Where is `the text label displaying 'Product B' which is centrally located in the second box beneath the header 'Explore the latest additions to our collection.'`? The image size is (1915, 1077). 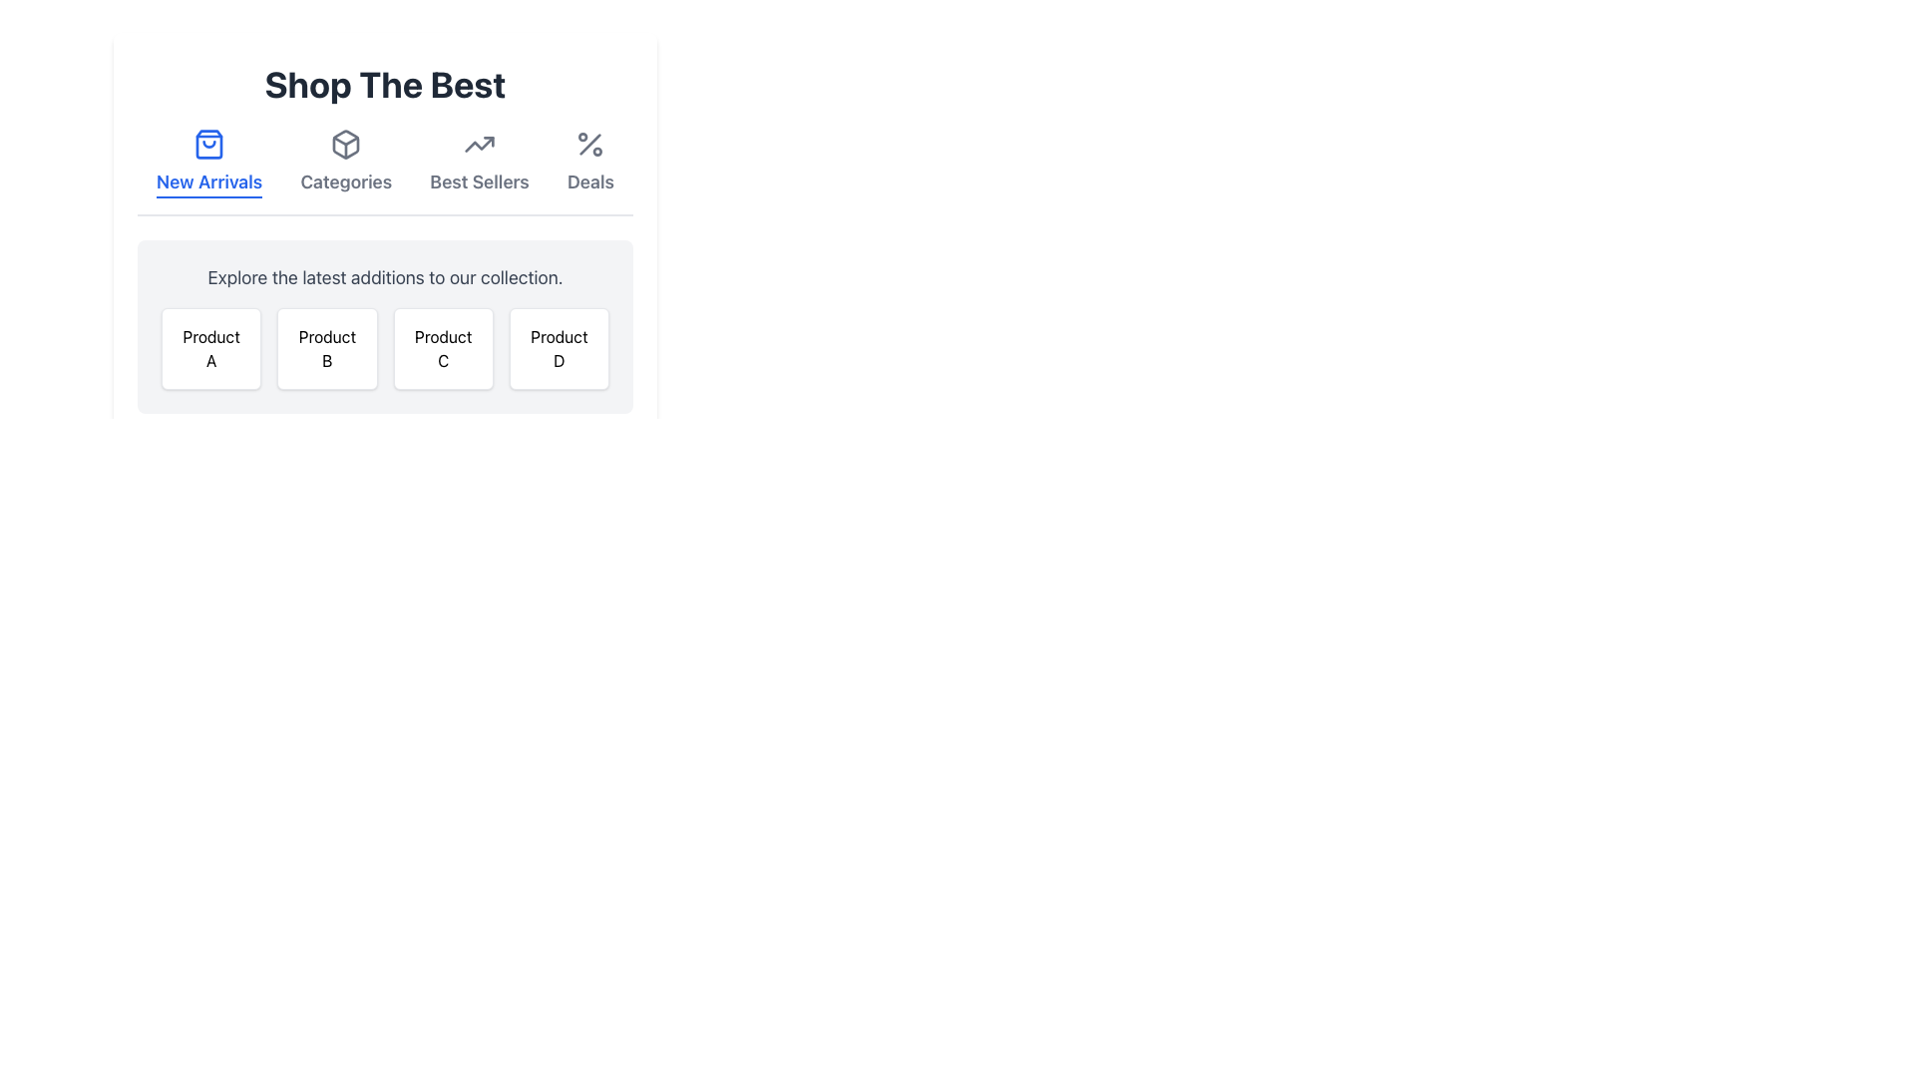 the text label displaying 'Product B' which is centrally located in the second box beneath the header 'Explore the latest additions to our collection.' is located at coordinates (327, 348).